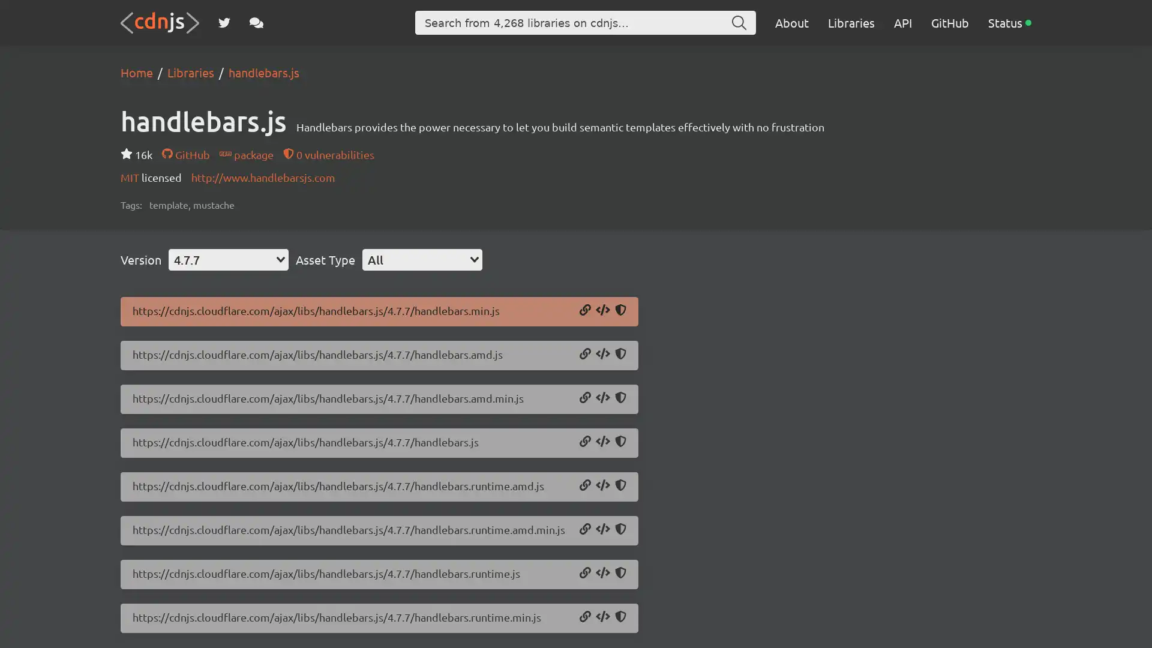  Describe the element at coordinates (620, 529) in the screenshot. I see `Copy SRI Hash` at that location.